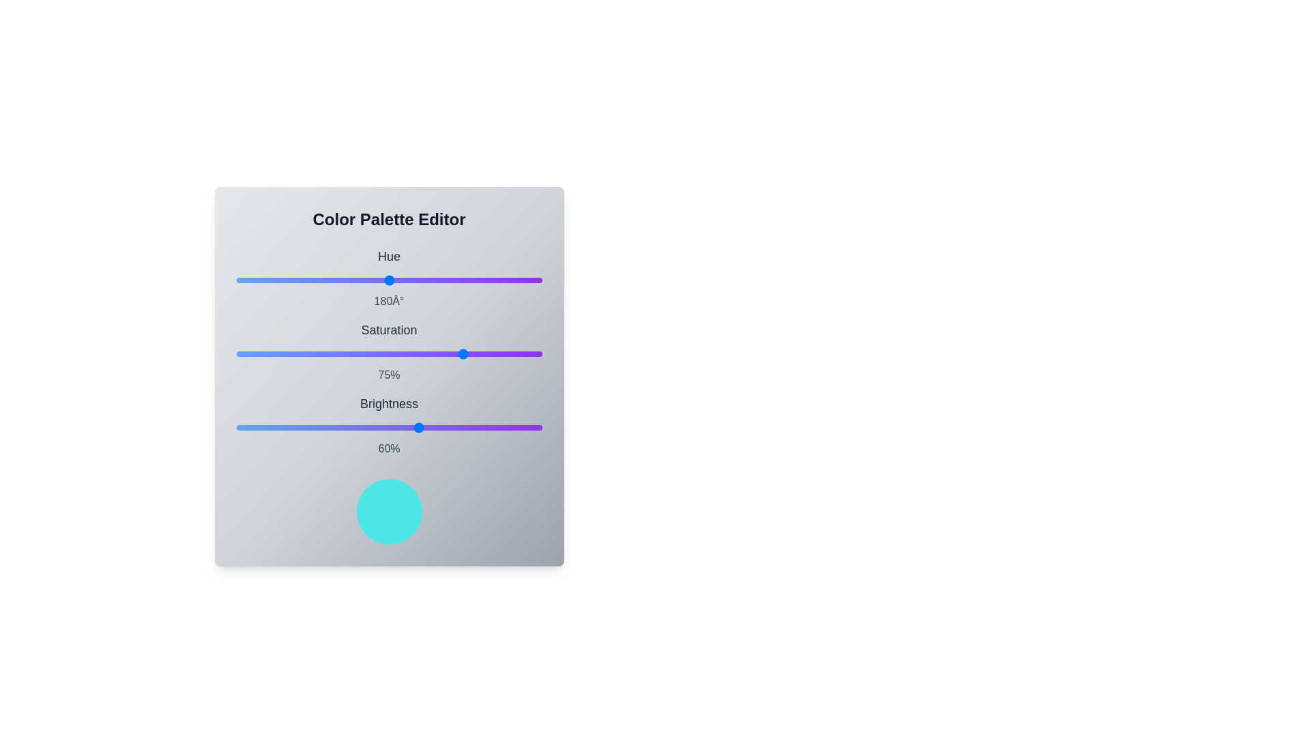  I want to click on the saturation slider to 80%, so click(480, 353).